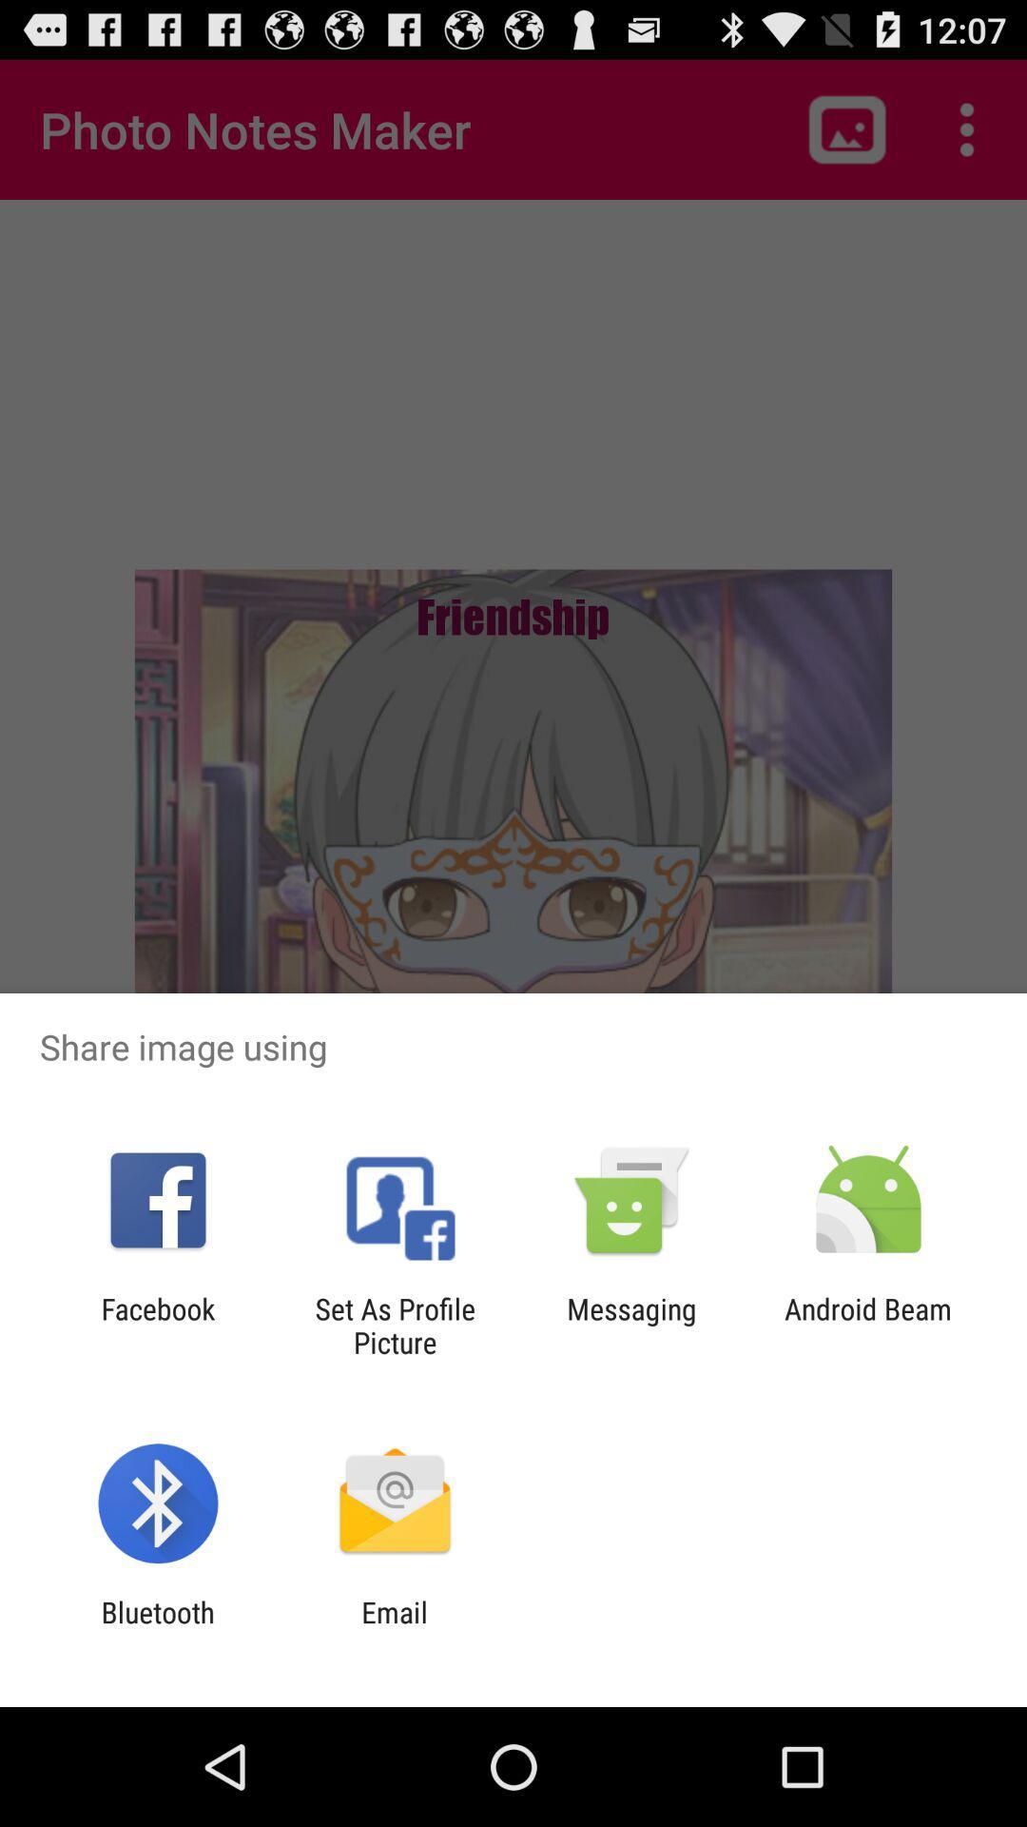  I want to click on the messaging app, so click(631, 1325).